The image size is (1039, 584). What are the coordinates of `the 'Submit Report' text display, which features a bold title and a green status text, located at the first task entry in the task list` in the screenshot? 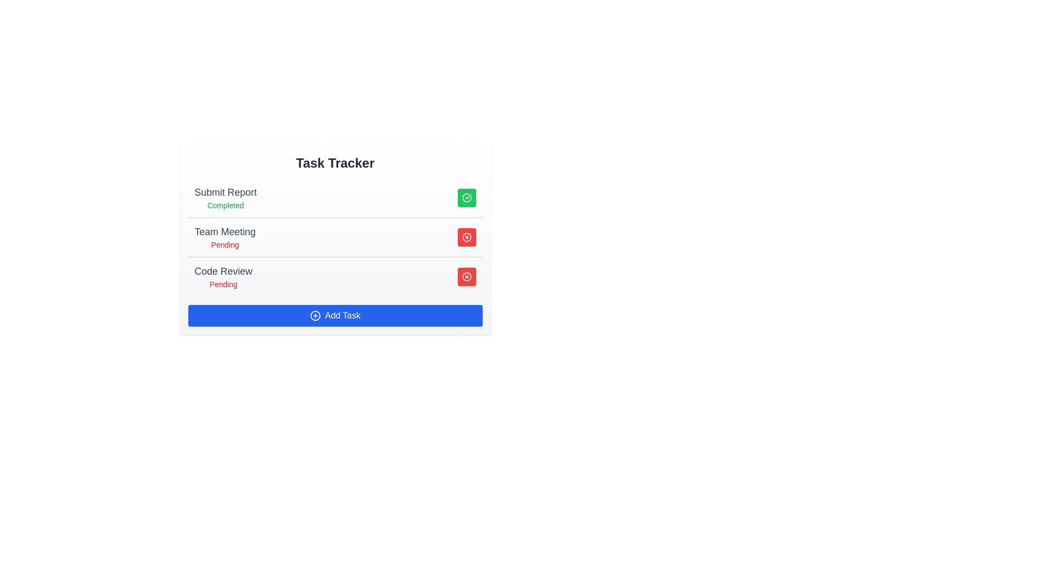 It's located at (225, 198).